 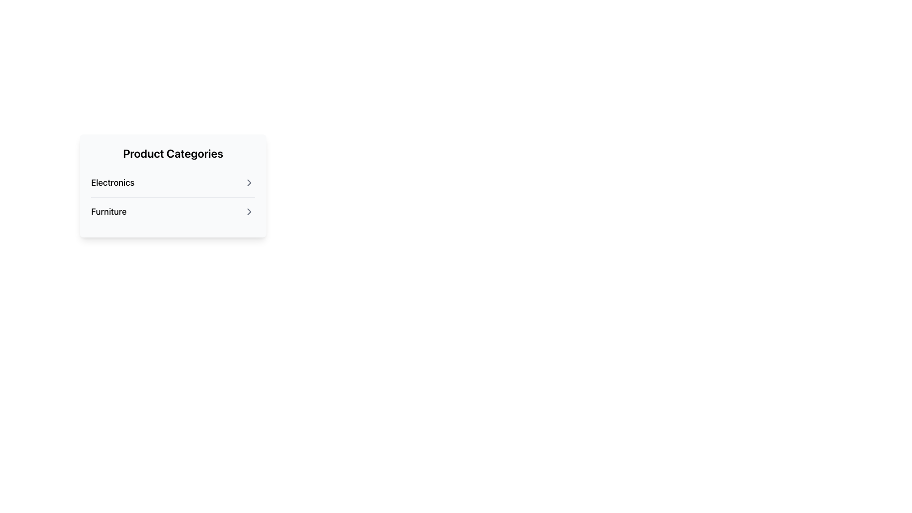 I want to click on the first list item labeled 'Electronics', so click(x=173, y=183).